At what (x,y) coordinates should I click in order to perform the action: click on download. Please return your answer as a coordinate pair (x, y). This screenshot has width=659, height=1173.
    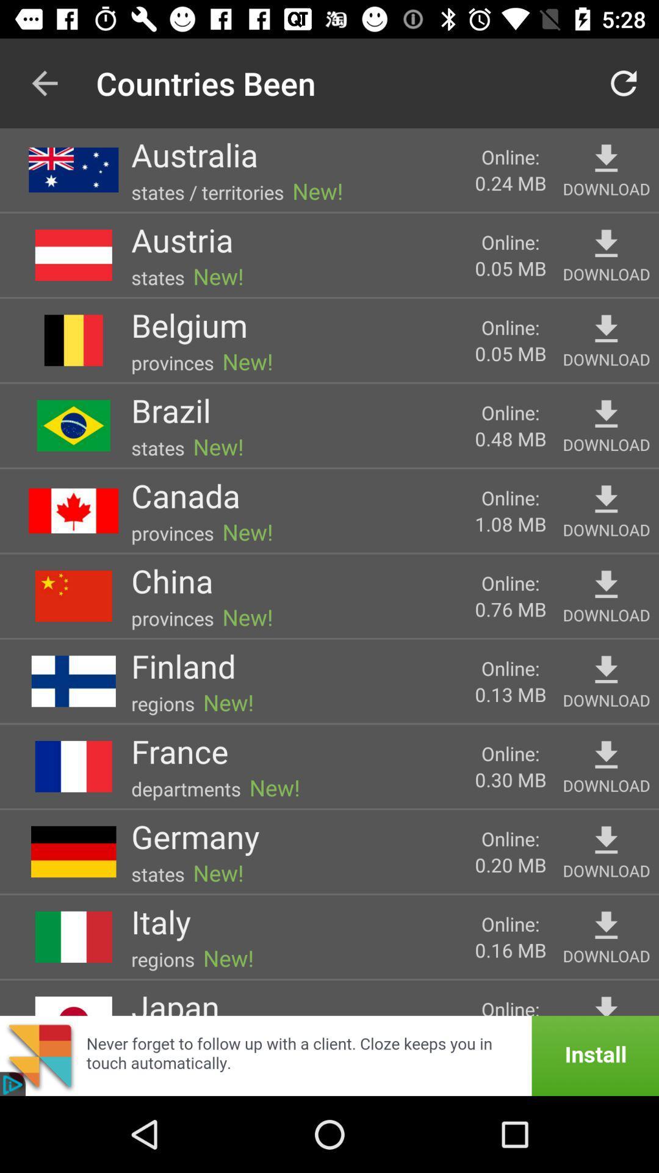
    Looking at the image, I should click on (606, 926).